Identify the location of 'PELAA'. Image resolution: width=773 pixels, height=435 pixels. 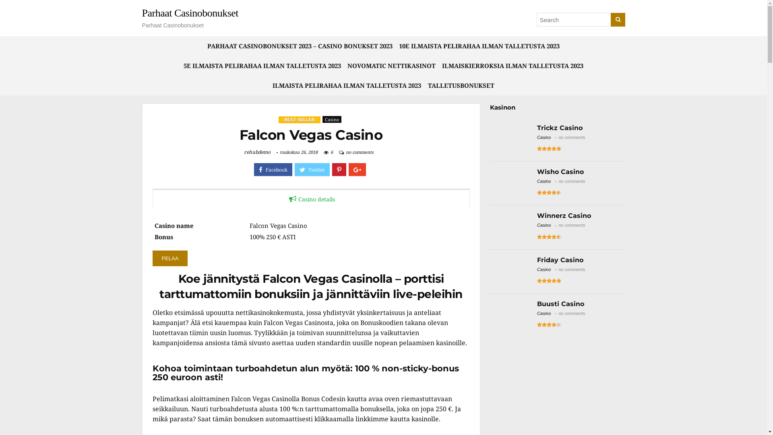
(169, 258).